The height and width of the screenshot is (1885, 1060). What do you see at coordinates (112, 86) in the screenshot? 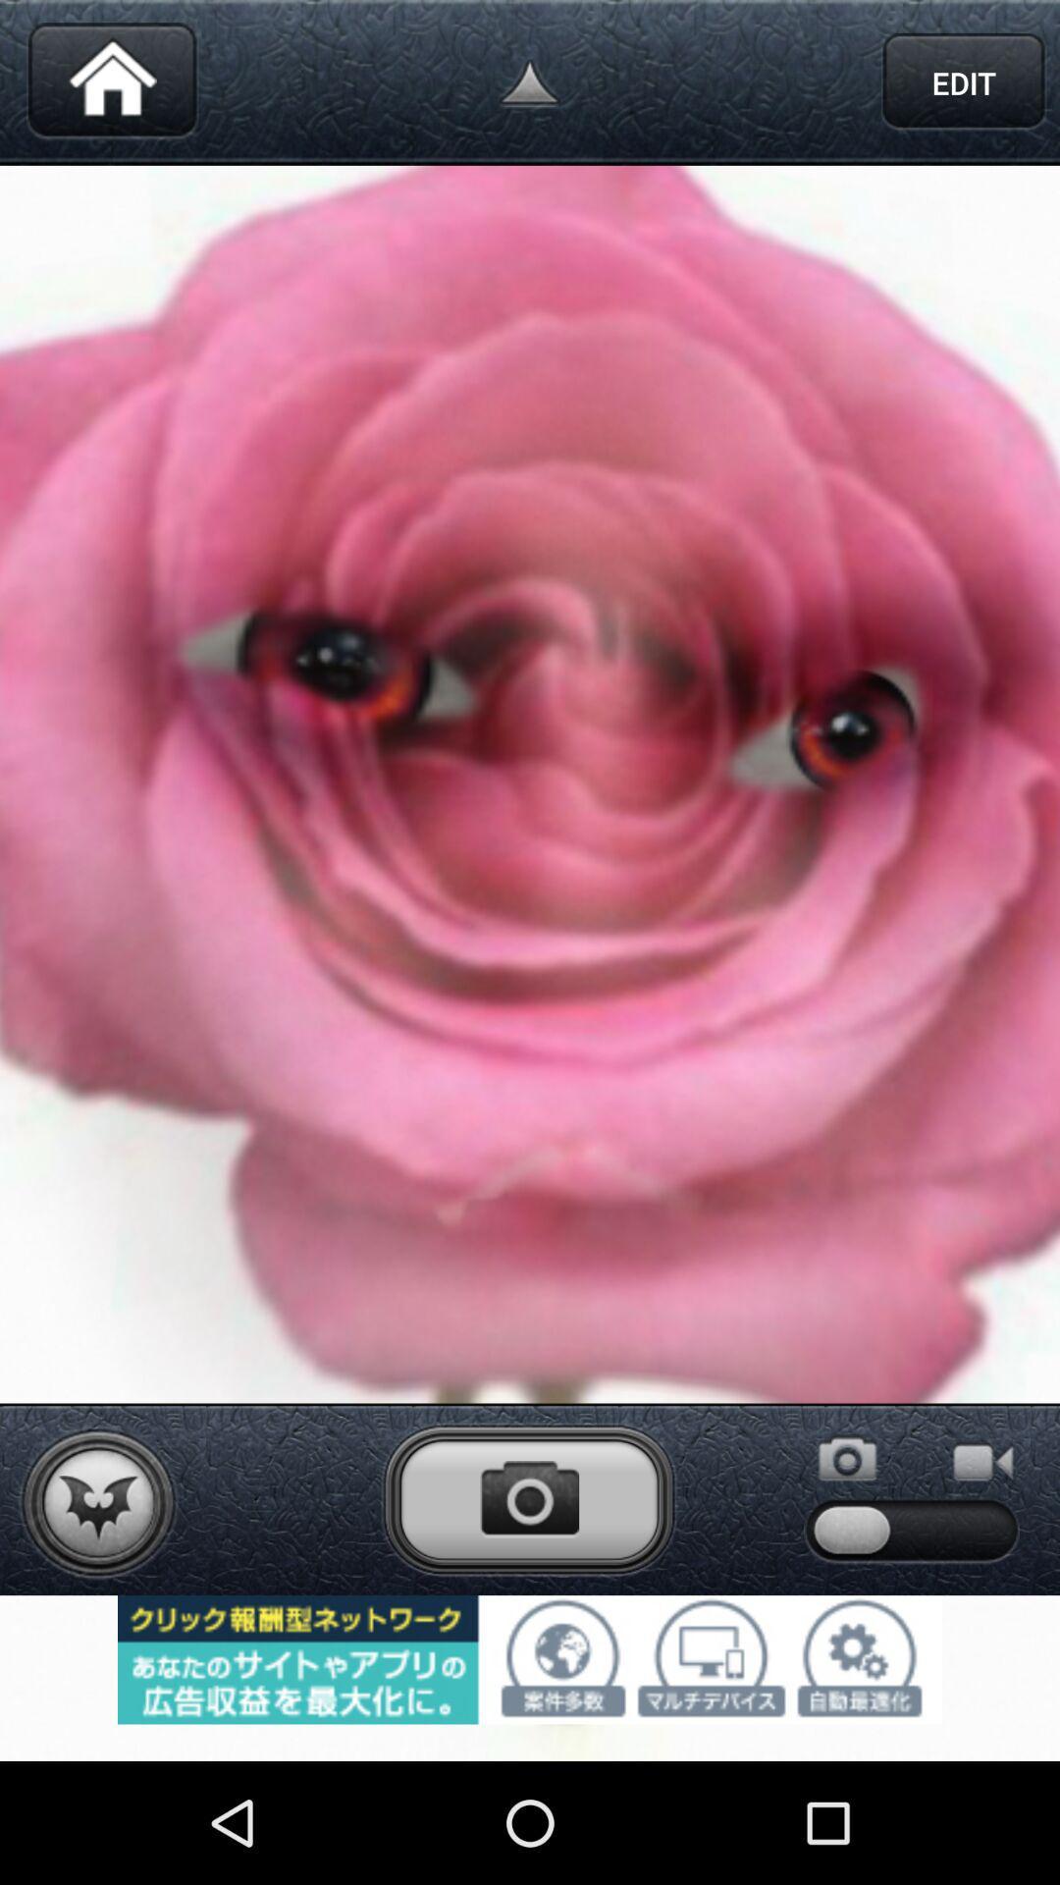
I see `the home icon` at bounding box center [112, 86].